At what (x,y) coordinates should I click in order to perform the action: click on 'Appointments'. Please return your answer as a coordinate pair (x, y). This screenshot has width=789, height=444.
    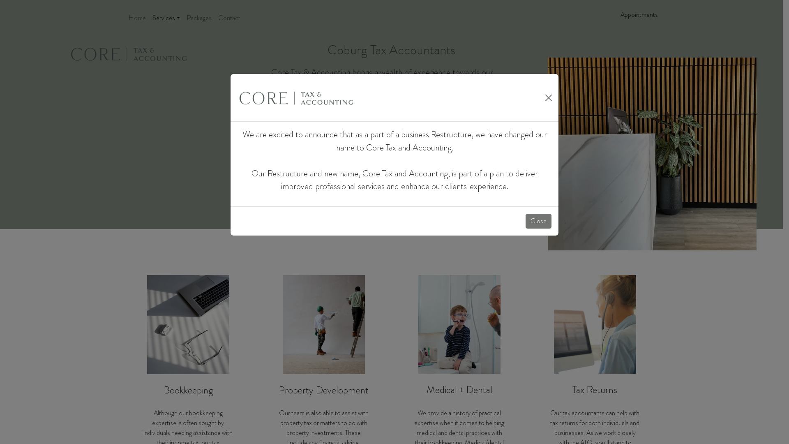
    Looking at the image, I should click on (639, 14).